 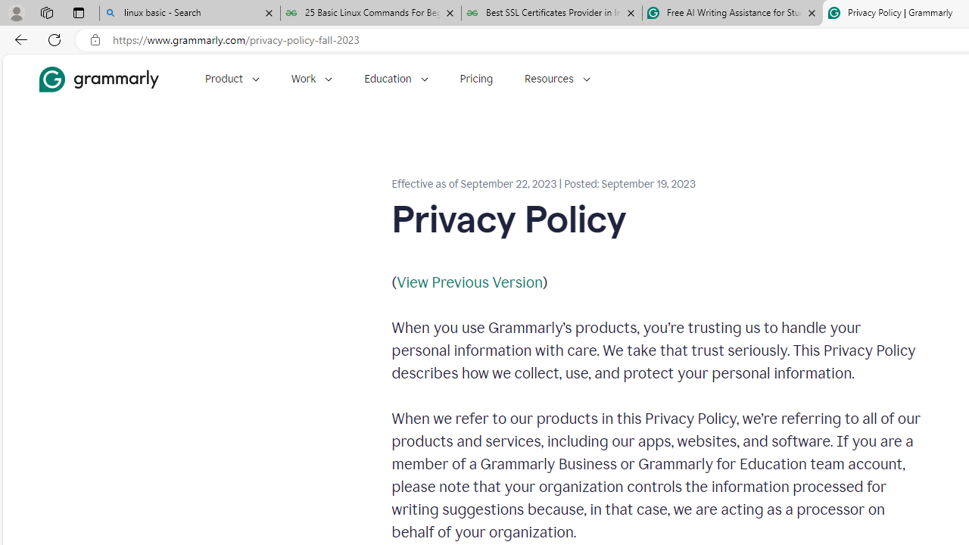 What do you see at coordinates (98, 79) in the screenshot?
I see `'Grammarly Home'` at bounding box center [98, 79].